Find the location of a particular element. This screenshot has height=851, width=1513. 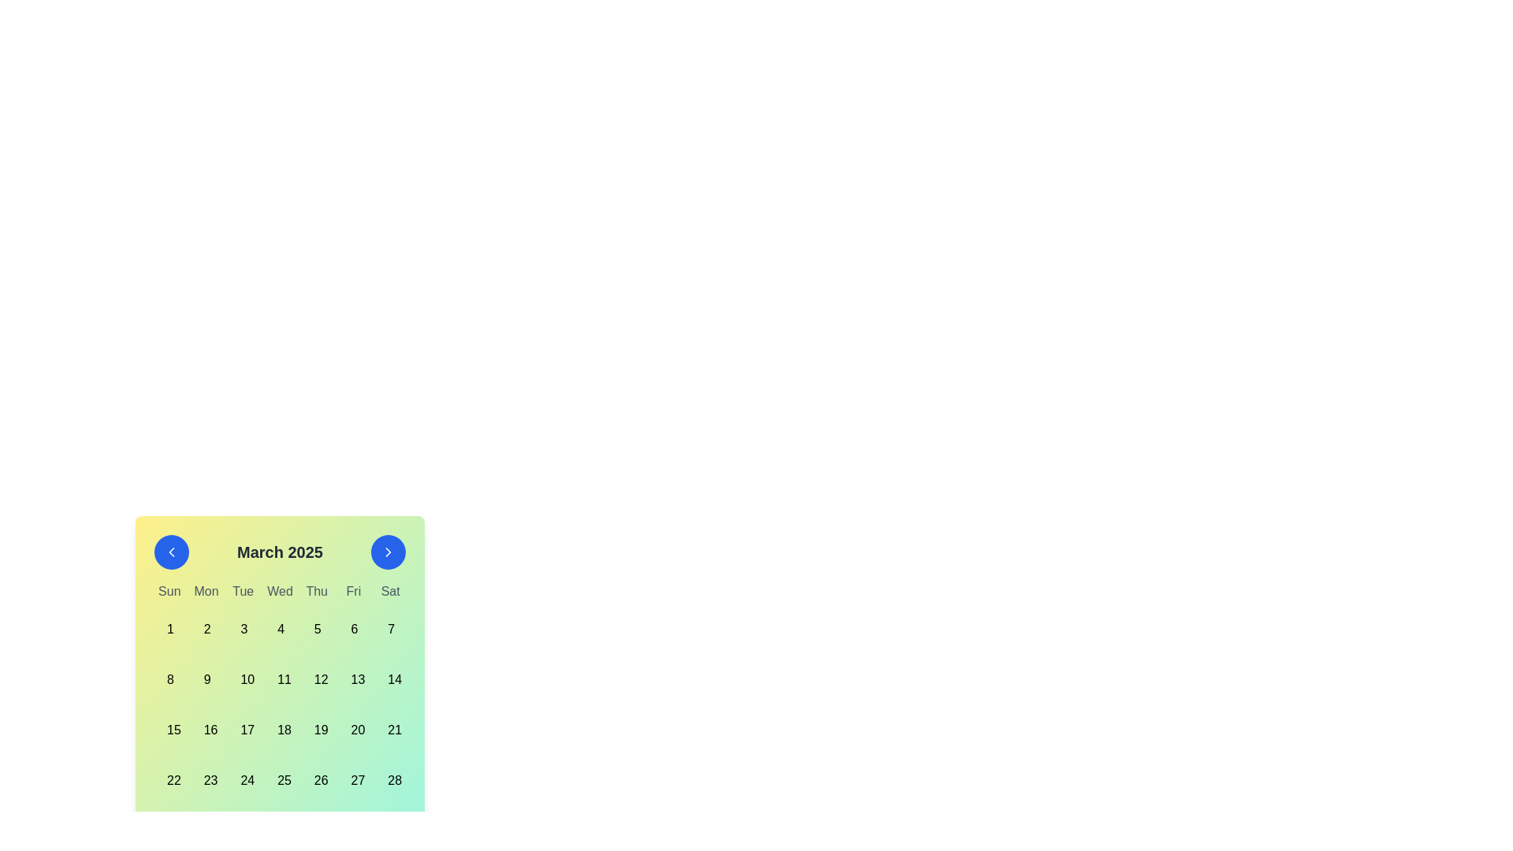

the Date cell displaying '6' in the calendar grid is located at coordinates (352, 628).